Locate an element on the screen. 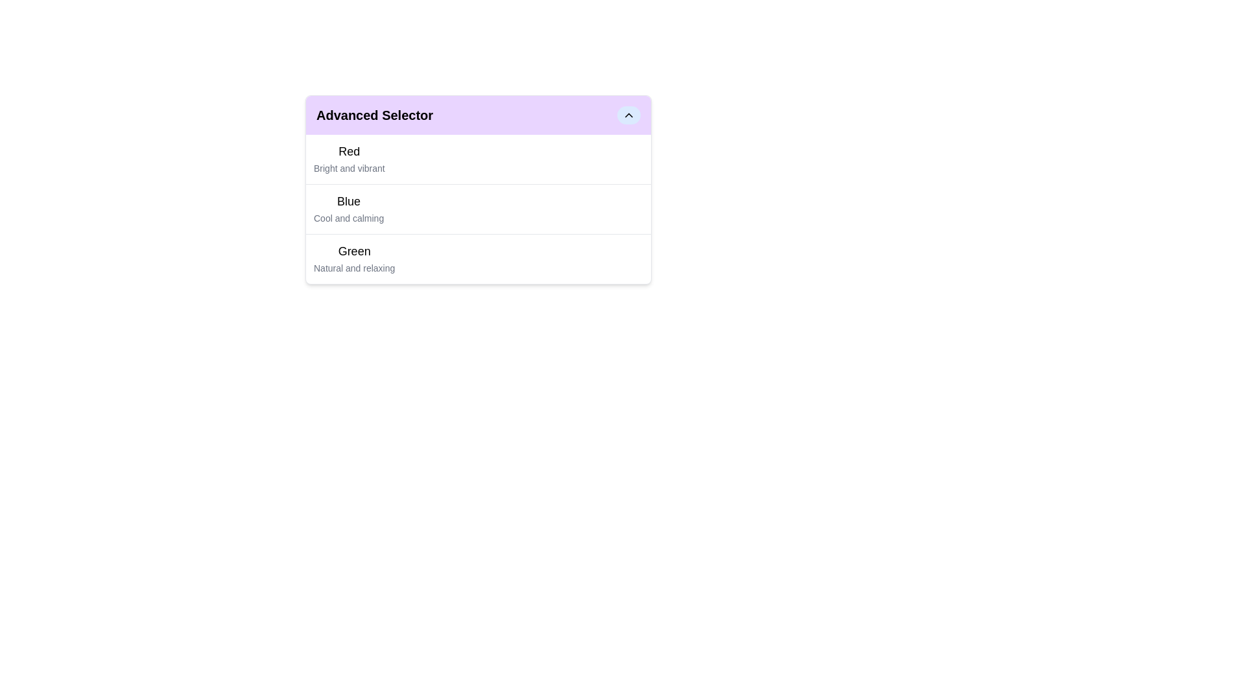  the selectable list item labeled 'Green' with the description 'Natural and relaxing' is located at coordinates (478, 259).